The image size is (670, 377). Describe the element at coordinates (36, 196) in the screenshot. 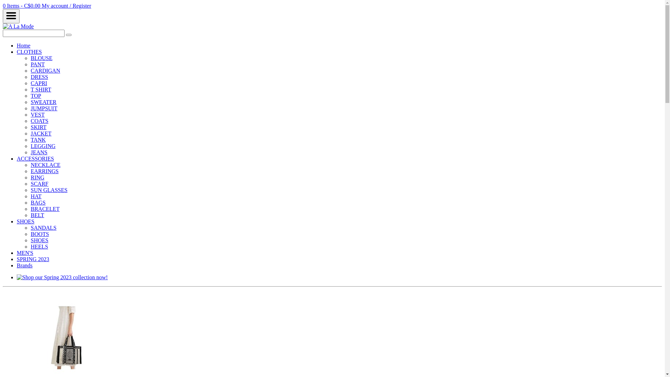

I see `'HAT'` at that location.